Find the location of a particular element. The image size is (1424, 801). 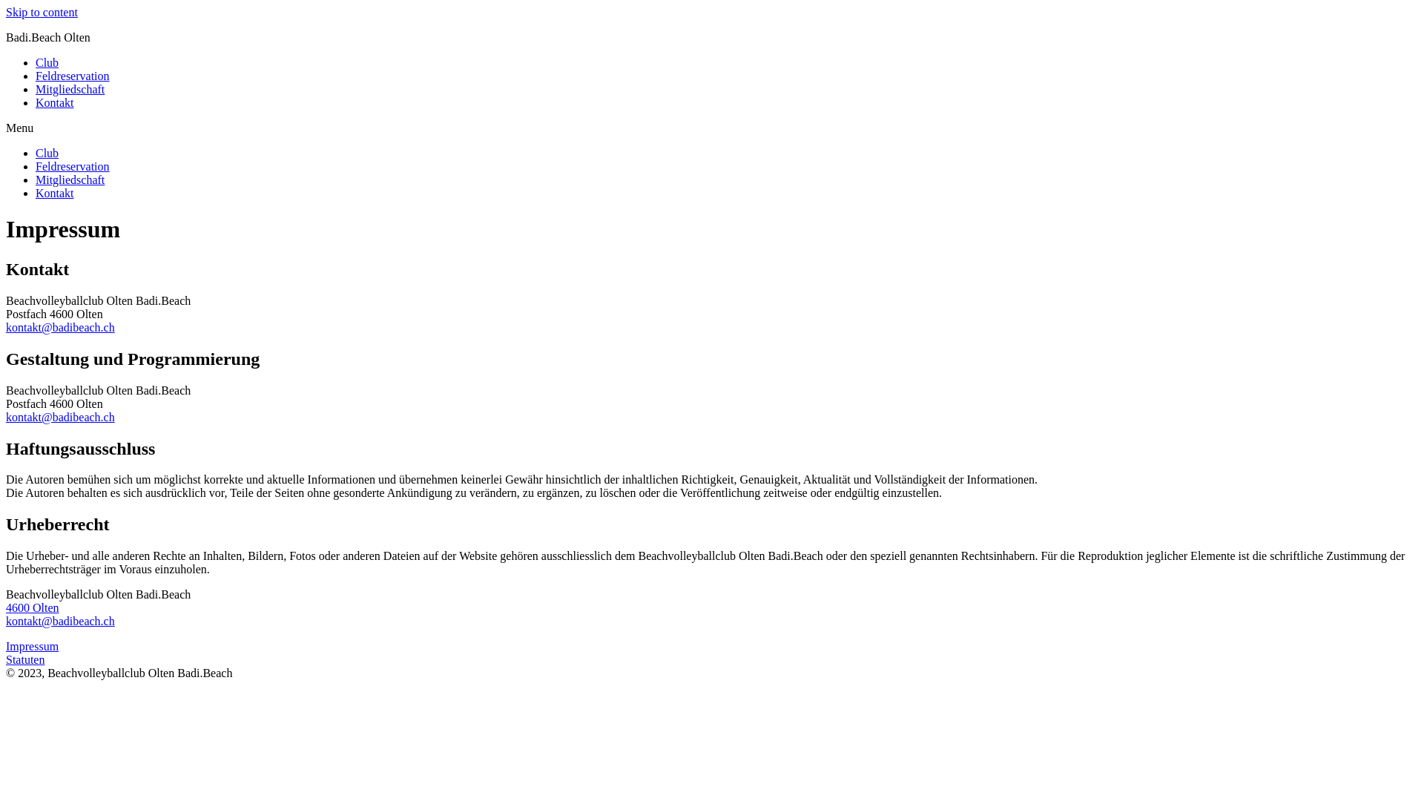

'Kontakt' is located at coordinates (54, 102).